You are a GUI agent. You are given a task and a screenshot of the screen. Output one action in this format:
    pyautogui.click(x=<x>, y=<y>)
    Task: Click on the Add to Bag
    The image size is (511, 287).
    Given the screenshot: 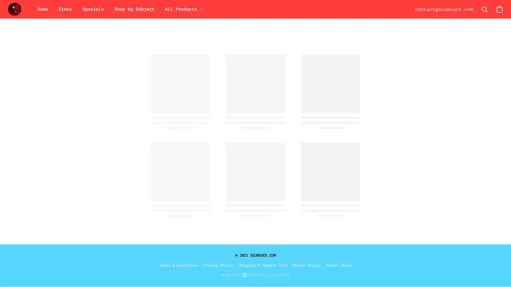 What is the action you would take?
    pyautogui.click(x=349, y=171)
    